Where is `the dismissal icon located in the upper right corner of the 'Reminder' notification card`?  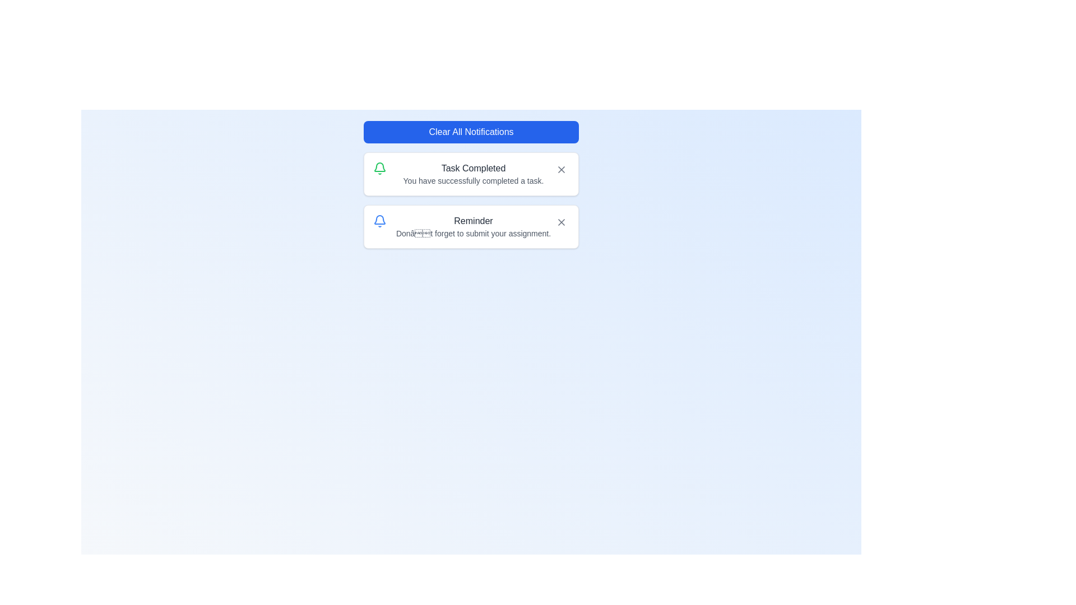
the dismissal icon located in the upper right corner of the 'Reminder' notification card is located at coordinates (562, 222).